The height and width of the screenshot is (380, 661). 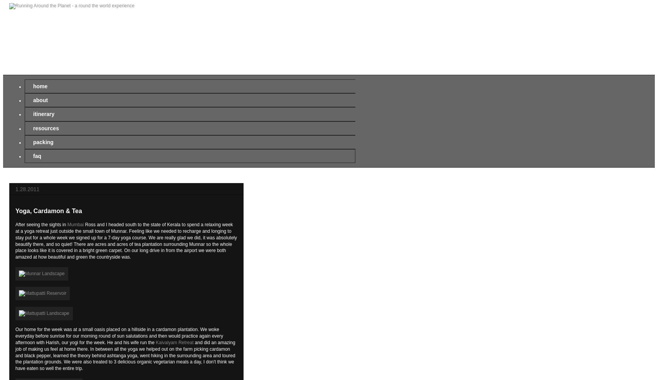 What do you see at coordinates (40, 86) in the screenshot?
I see `'home'` at bounding box center [40, 86].